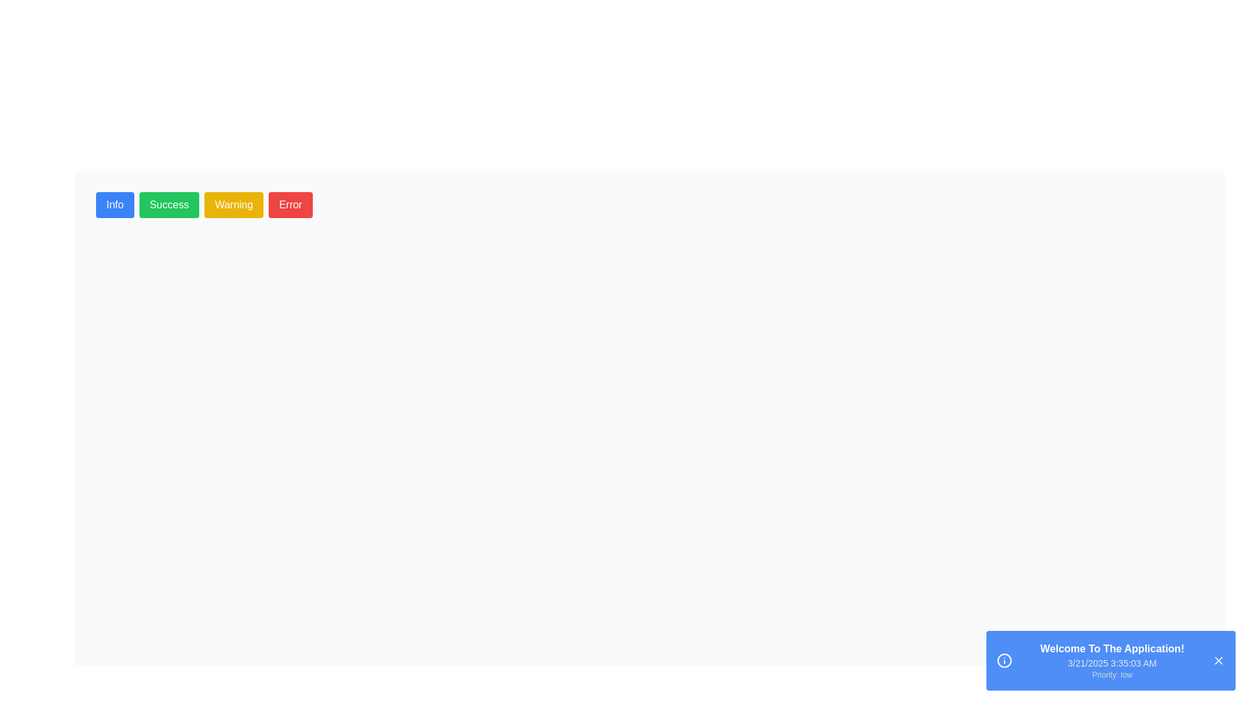 The image size is (1246, 701). I want to click on the icon located within the blue notification card in the bottom-right corner of the interface, positioned to the left of the text content, so click(1004, 661).